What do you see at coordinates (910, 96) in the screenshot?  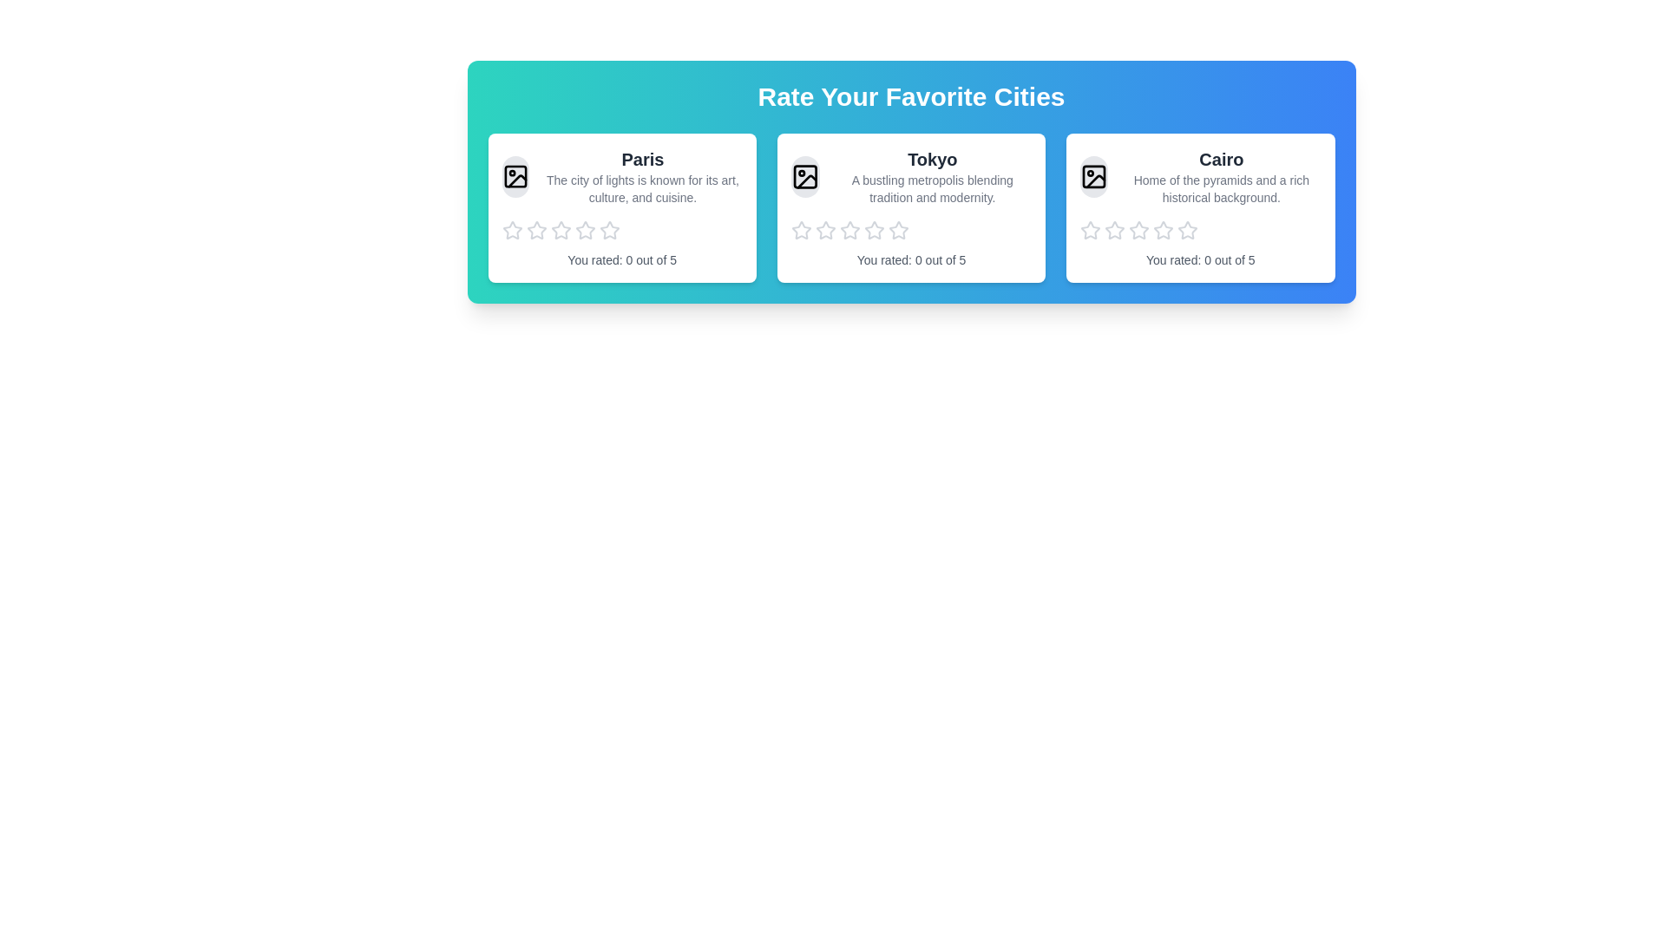 I see `the centered heading with the text 'Rate Your Favorite Cities' which is styled in a bold and large-sized font on a multicolored gradient background bar` at bounding box center [910, 96].